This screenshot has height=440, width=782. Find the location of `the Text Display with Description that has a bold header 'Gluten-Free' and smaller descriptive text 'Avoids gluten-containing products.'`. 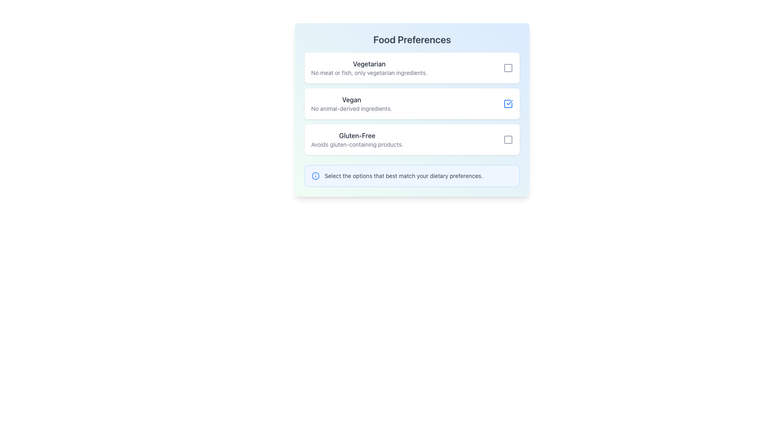

the Text Display with Description that has a bold header 'Gluten-Free' and smaller descriptive text 'Avoids gluten-containing products.' is located at coordinates (357, 139).